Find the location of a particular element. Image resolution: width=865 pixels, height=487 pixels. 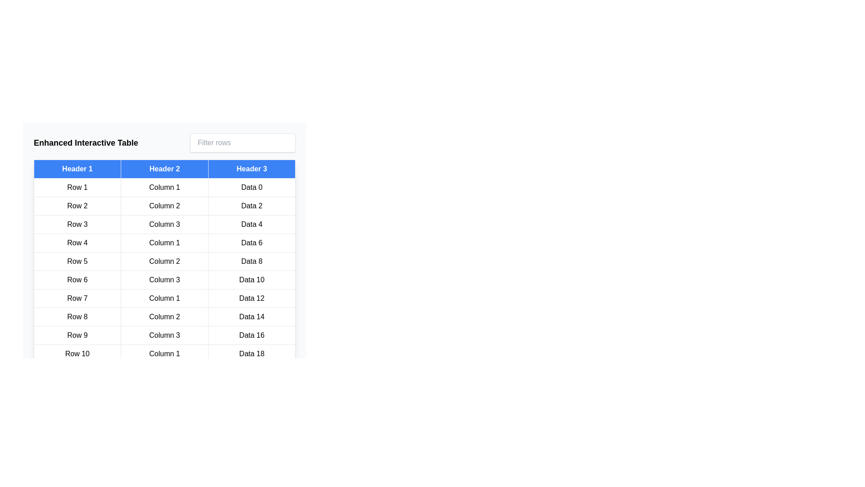

the header Header 2 to interact with the table column is located at coordinates (164, 169).